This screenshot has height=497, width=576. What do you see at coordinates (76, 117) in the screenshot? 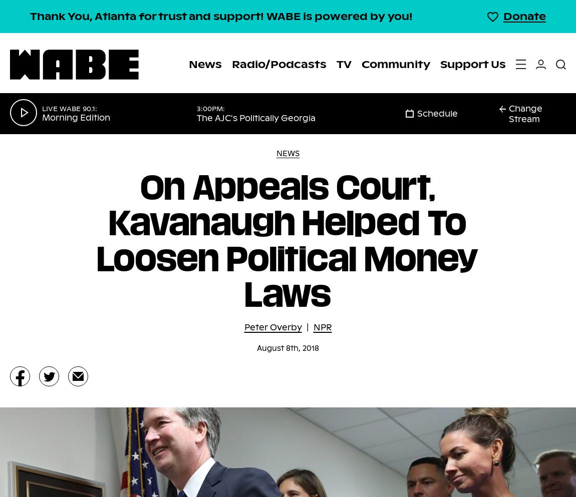
I see `'Morning Edition'` at bounding box center [76, 117].